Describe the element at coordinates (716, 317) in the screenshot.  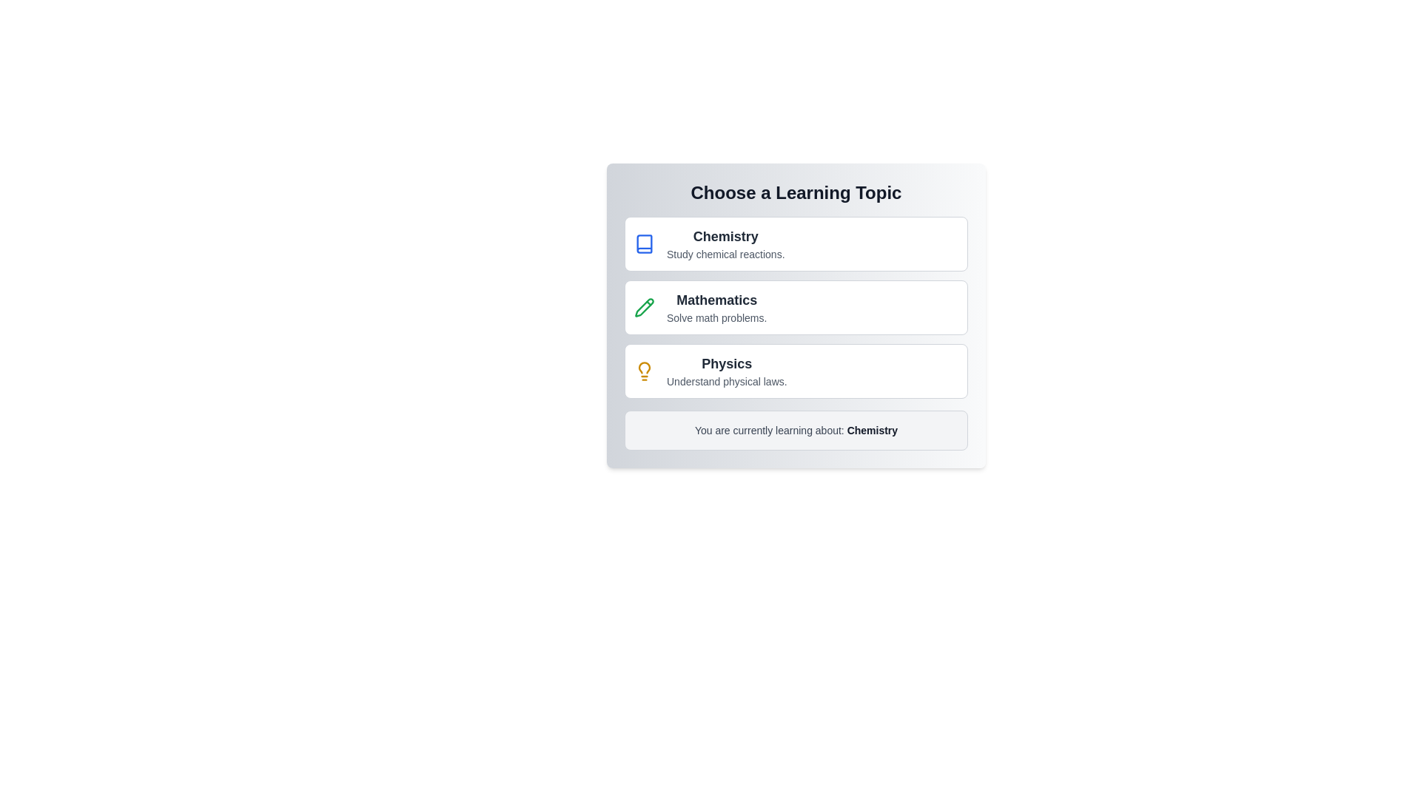
I see `text content of the label displaying 'Solve math problems.' which is positioned below the title 'Mathematics' in the second selectable card of the 'Choose a Learning Topic' section` at that location.